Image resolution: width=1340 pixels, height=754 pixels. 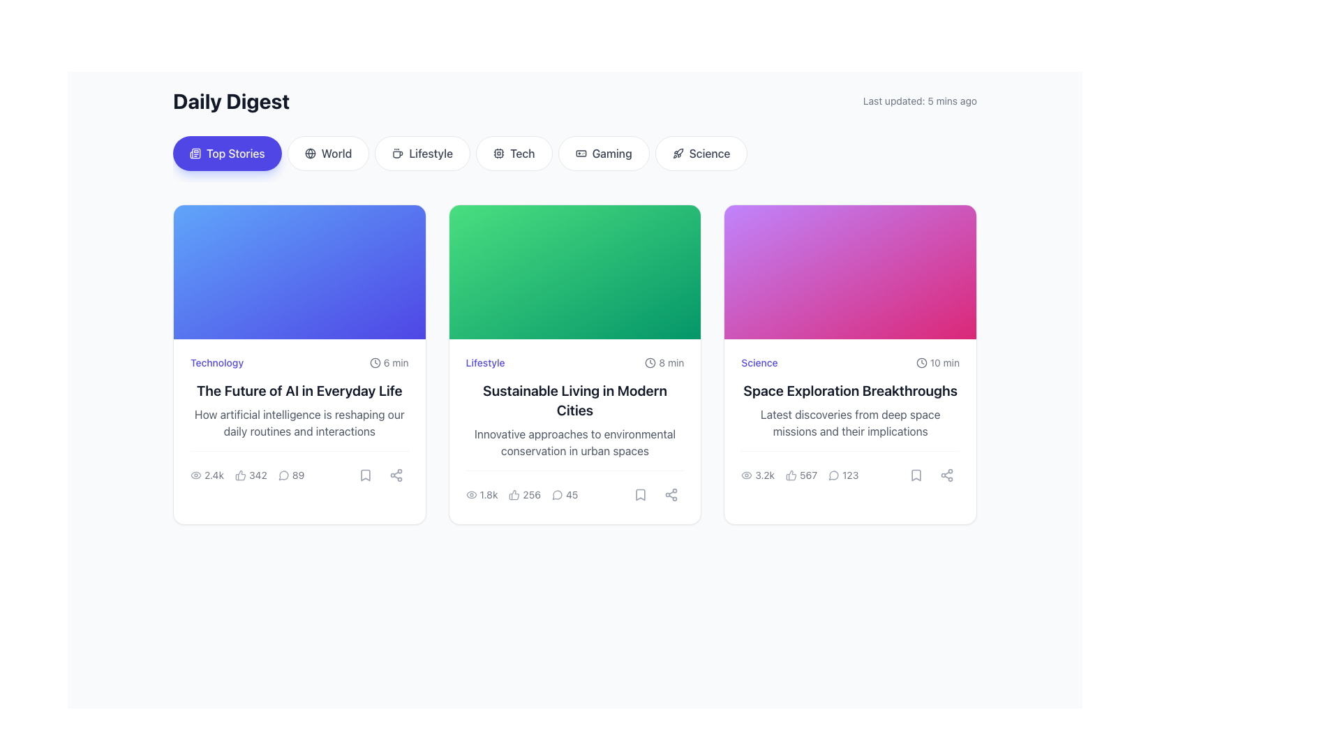 I want to click on the thumbs-up icon in the Interactive engagement summary bar located at the bottom of the article card discussing 'The Future of AI in Everyday Life' to like the article, so click(x=247, y=475).